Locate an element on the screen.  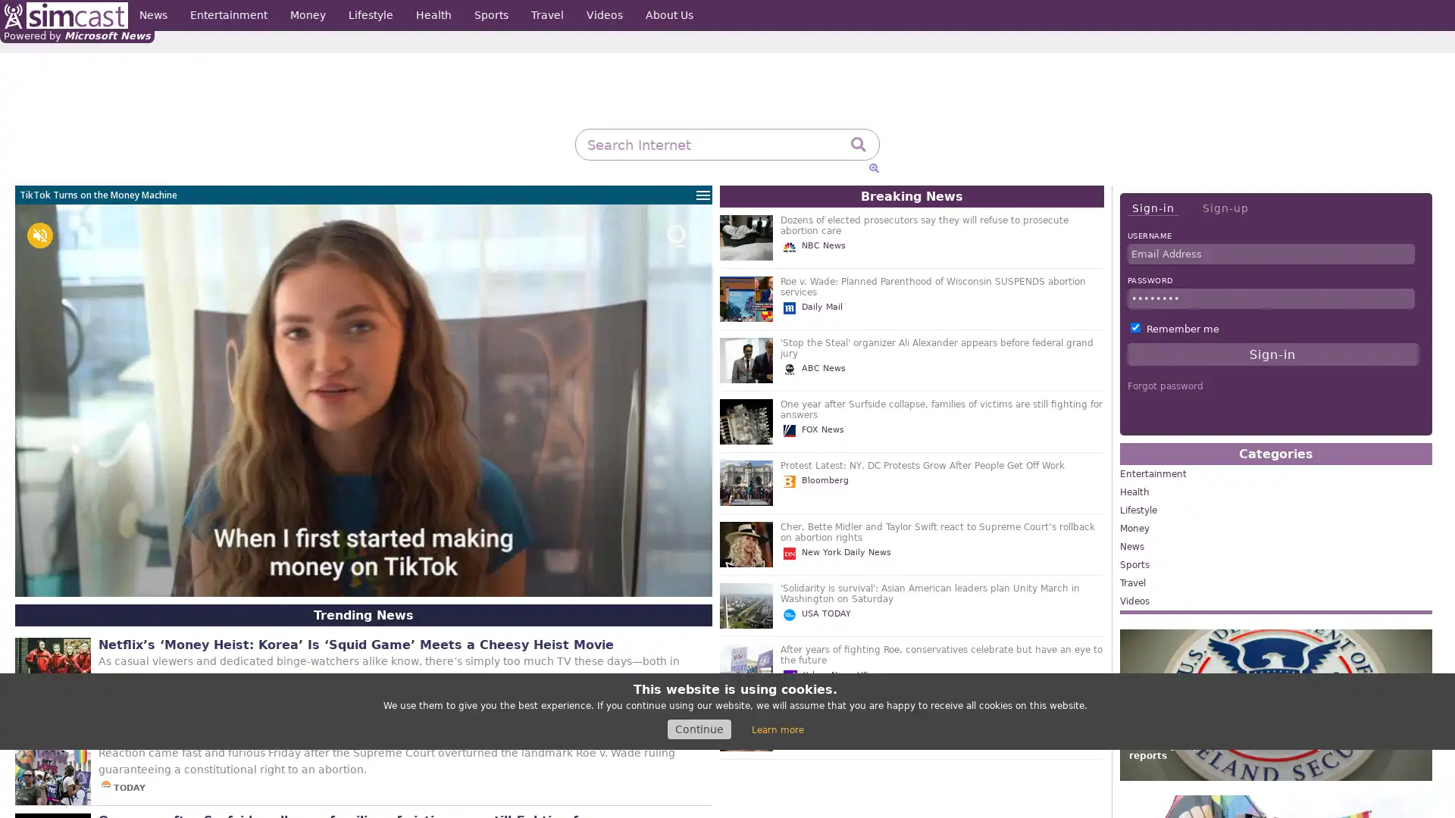
volume_offvolume_up is located at coordinates (39, 236).